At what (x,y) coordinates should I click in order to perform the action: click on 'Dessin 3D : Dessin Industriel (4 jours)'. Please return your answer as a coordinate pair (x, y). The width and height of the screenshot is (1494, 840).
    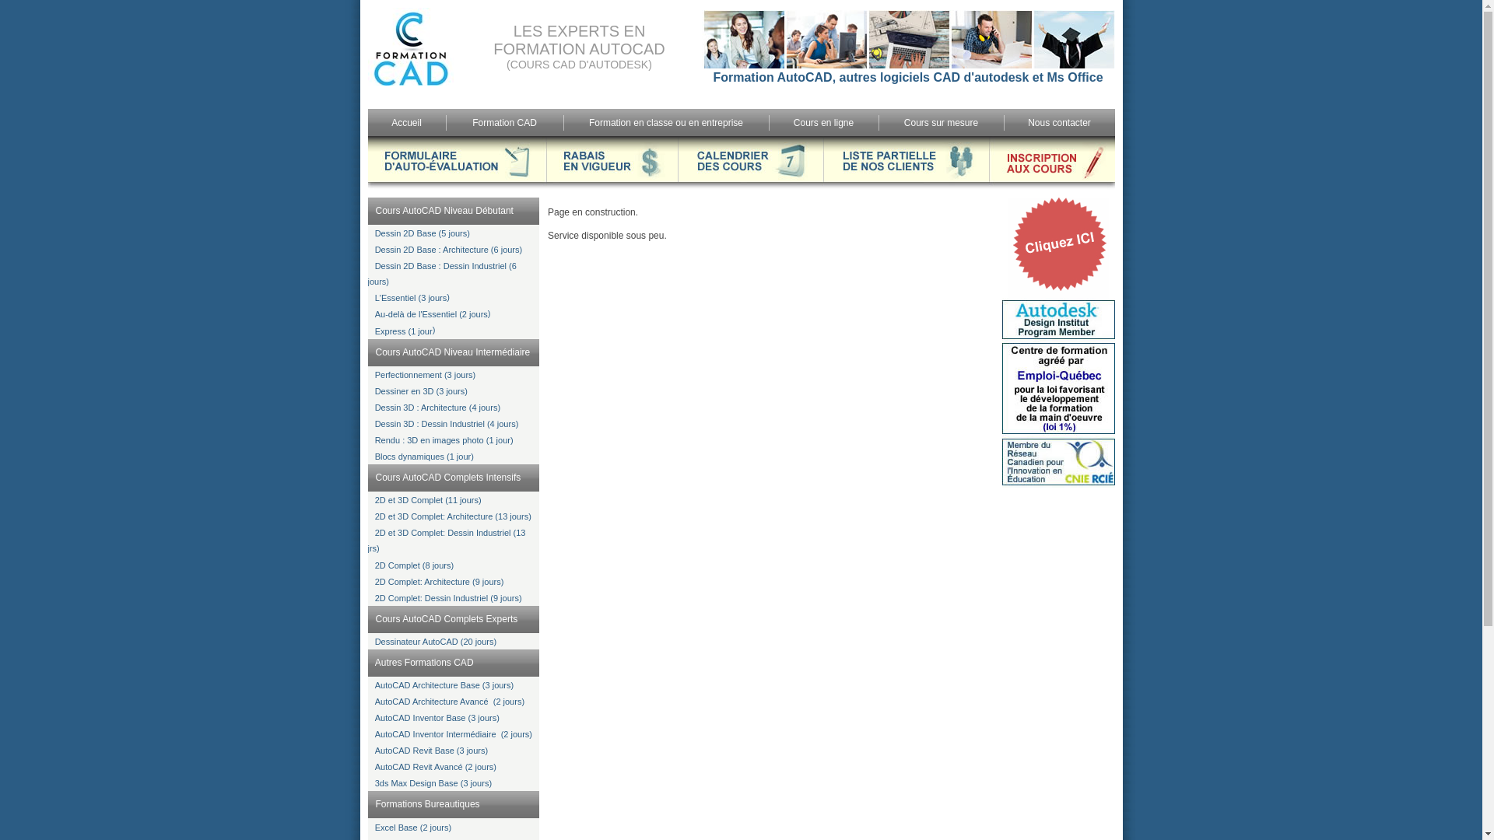
    Looking at the image, I should click on (446, 423).